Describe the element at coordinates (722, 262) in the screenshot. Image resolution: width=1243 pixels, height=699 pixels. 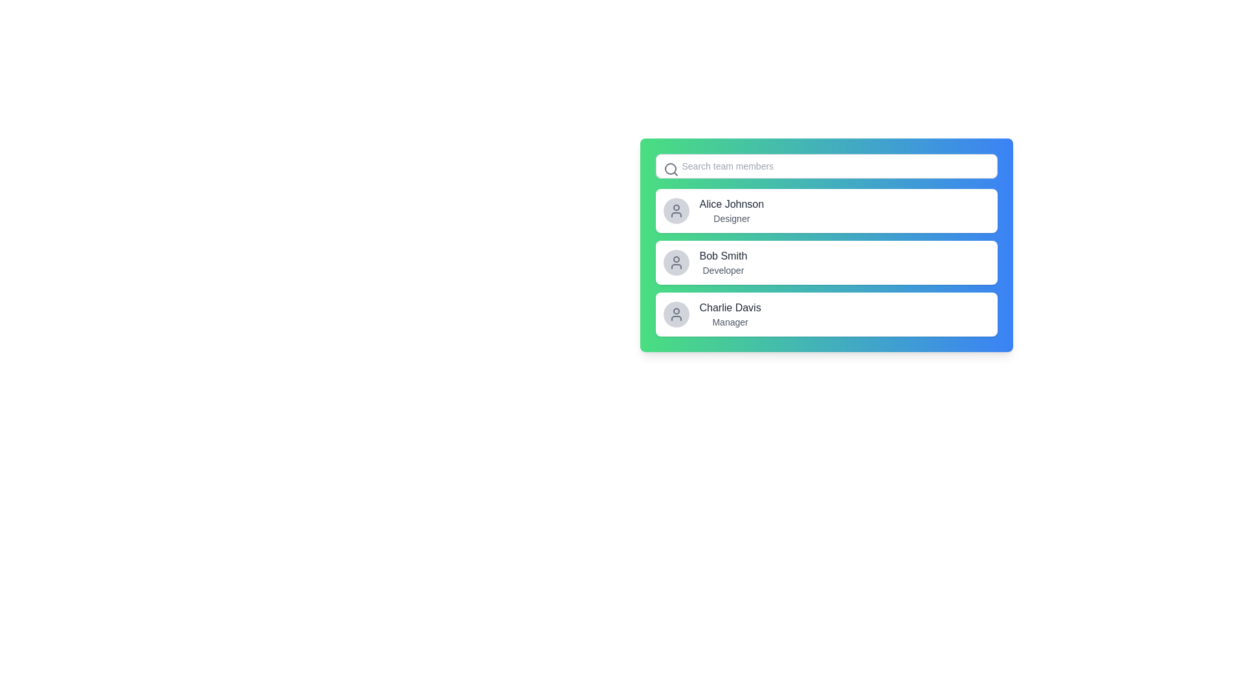
I see `the text element displaying 'Bob Smith' followed by 'Developer', which is located in the second row of a vertical list of card items` at that location.